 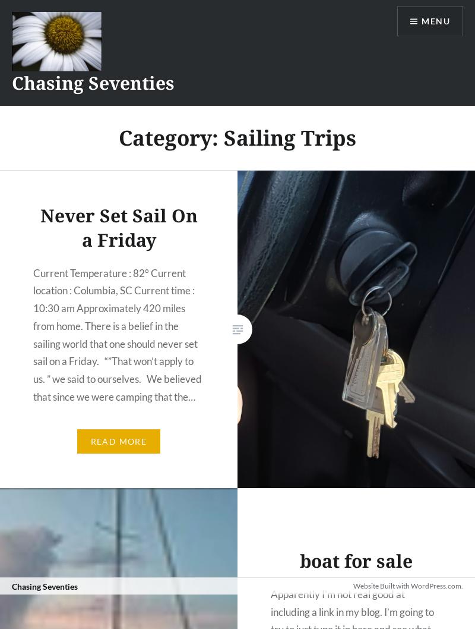 What do you see at coordinates (118, 227) in the screenshot?
I see `'Never Set Sail On a Friday'` at bounding box center [118, 227].